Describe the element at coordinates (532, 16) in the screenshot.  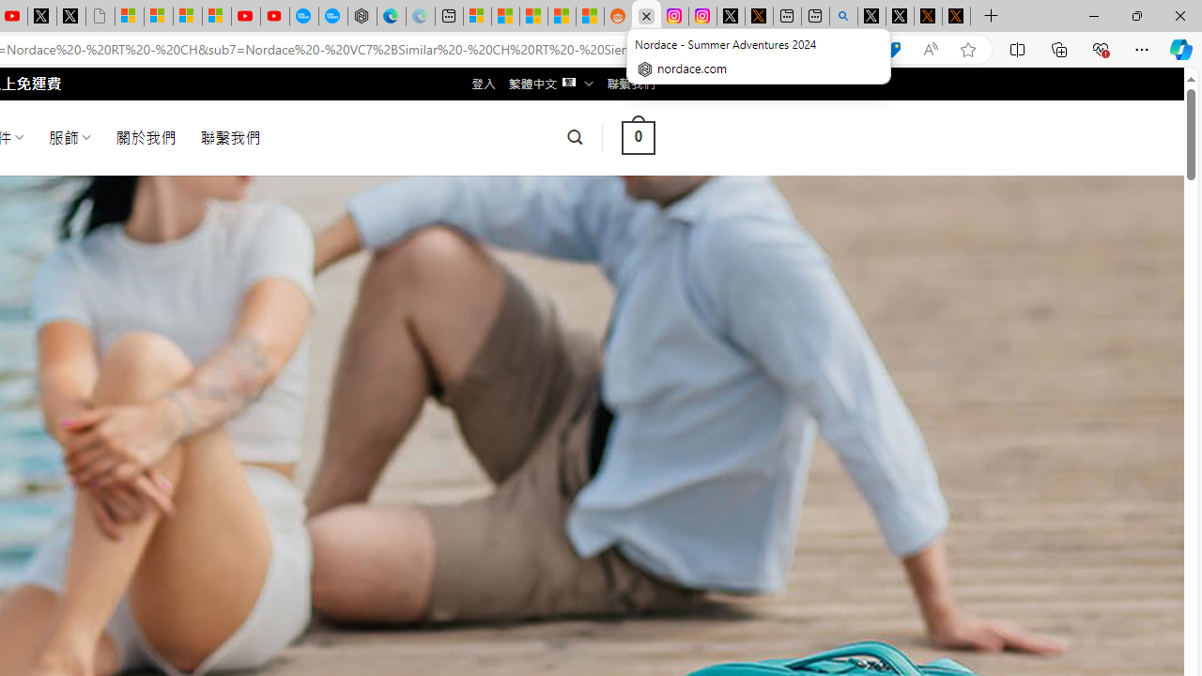
I see `'Shanghai, China hourly forecast | Microsoft Weather'` at that location.